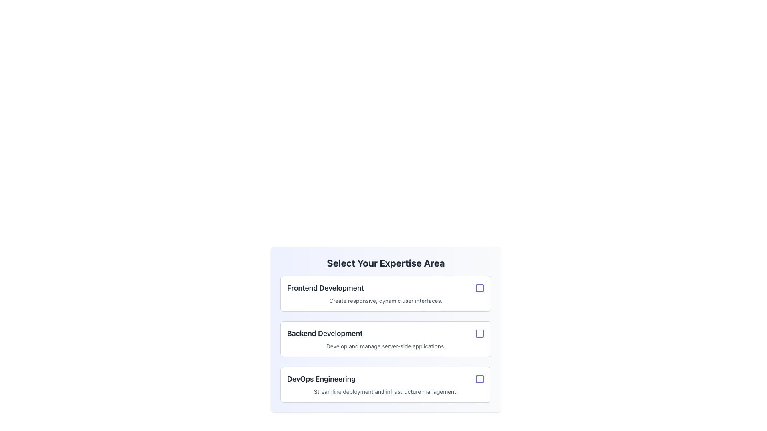  Describe the element at coordinates (321, 378) in the screenshot. I see `the text label displaying 'DevOps Engineering' in the lower section of the 'Select Your Expertise Area' interface, specifically in the third card` at that location.